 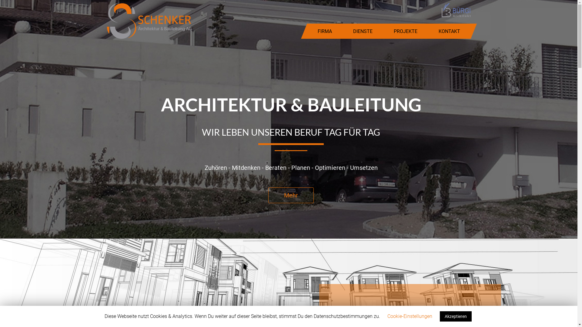 What do you see at coordinates (149, 20) in the screenshot?
I see `'Schenker Architektur & Bauleitung AG'` at bounding box center [149, 20].